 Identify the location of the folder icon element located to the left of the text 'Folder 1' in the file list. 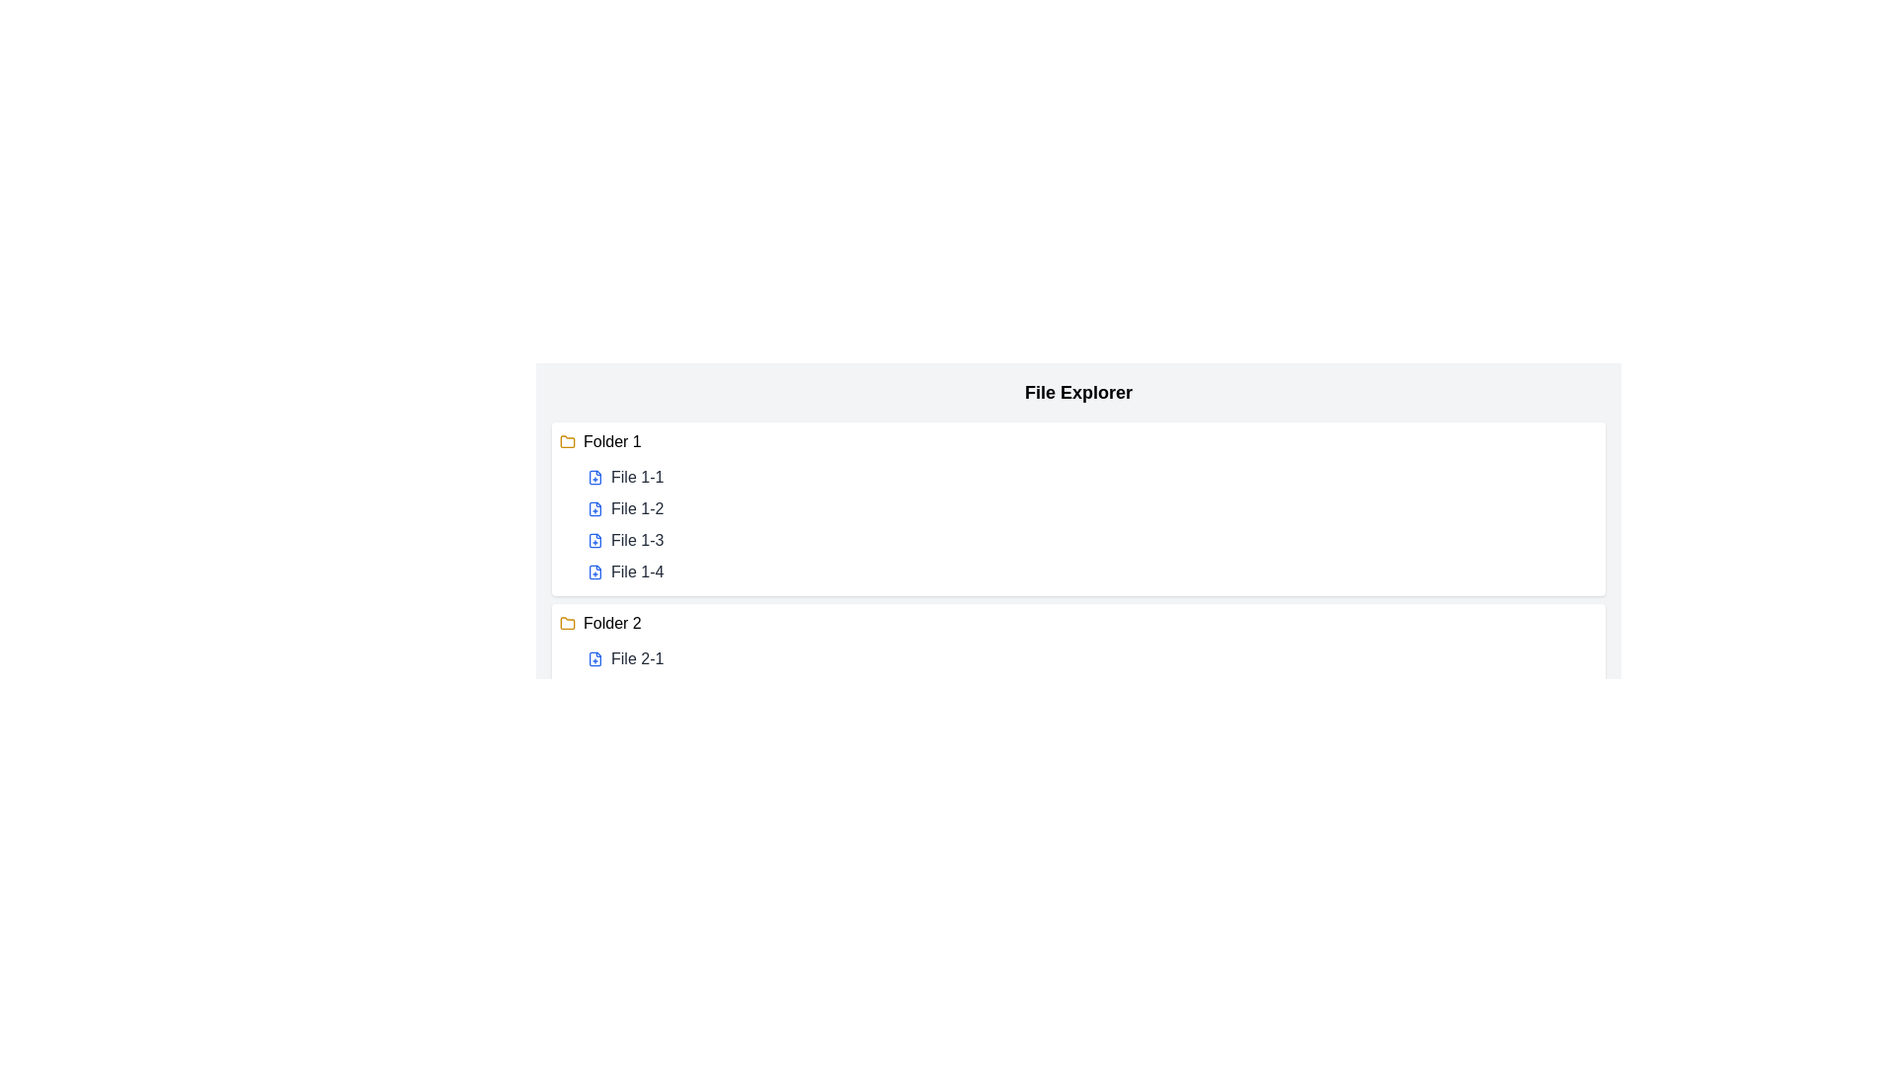
(567, 440).